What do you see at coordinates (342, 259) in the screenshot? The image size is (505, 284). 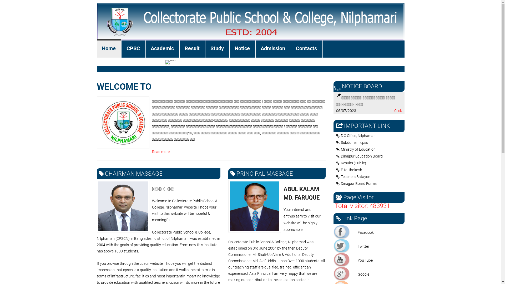 I see `'You Tube'` at bounding box center [342, 259].